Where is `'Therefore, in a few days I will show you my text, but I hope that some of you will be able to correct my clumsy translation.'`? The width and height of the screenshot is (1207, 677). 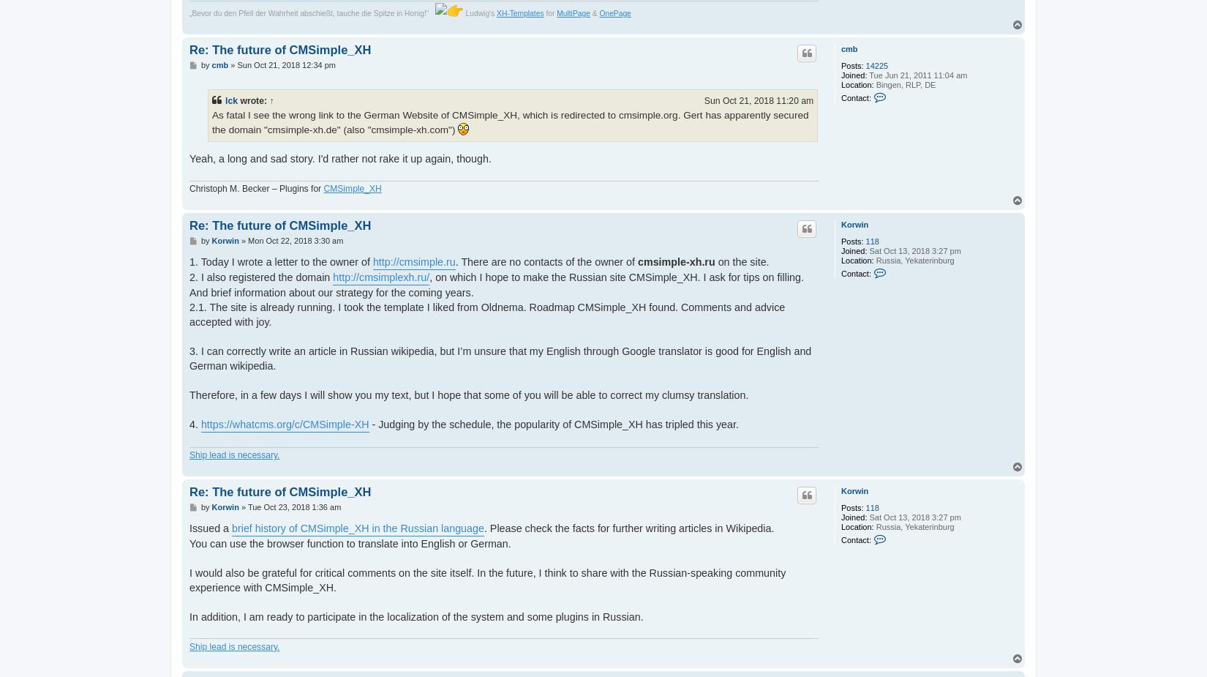
'Therefore, in a few days I will show you my text, but I hope that some of you will be able to correct my clumsy translation.' is located at coordinates (468, 395).